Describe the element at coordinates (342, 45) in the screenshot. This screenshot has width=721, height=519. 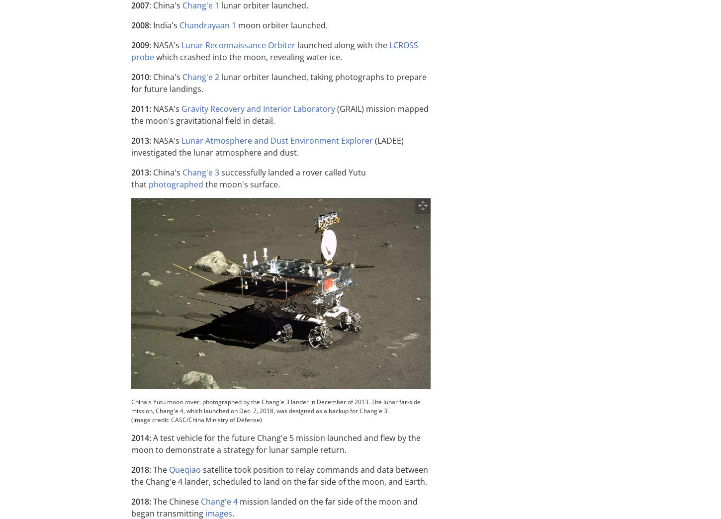
I see `'launched along with the'` at that location.